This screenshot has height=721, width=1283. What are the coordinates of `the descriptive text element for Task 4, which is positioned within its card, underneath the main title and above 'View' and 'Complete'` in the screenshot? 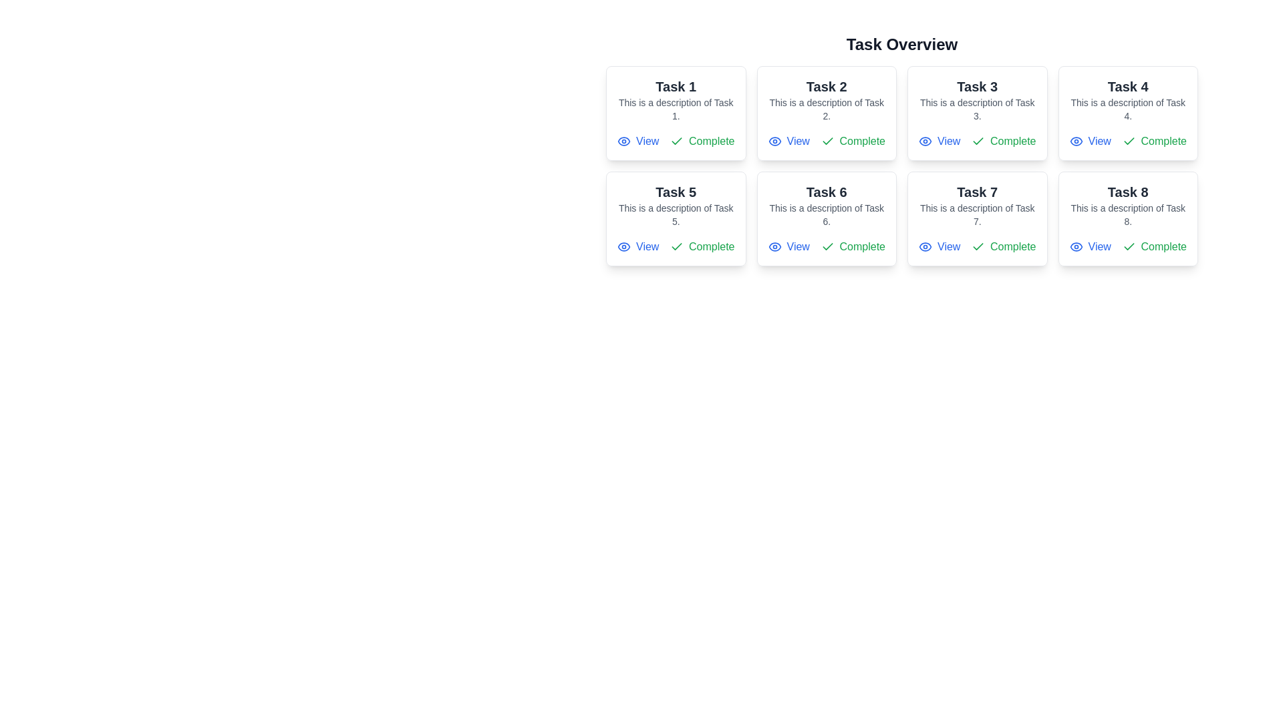 It's located at (1127, 109).